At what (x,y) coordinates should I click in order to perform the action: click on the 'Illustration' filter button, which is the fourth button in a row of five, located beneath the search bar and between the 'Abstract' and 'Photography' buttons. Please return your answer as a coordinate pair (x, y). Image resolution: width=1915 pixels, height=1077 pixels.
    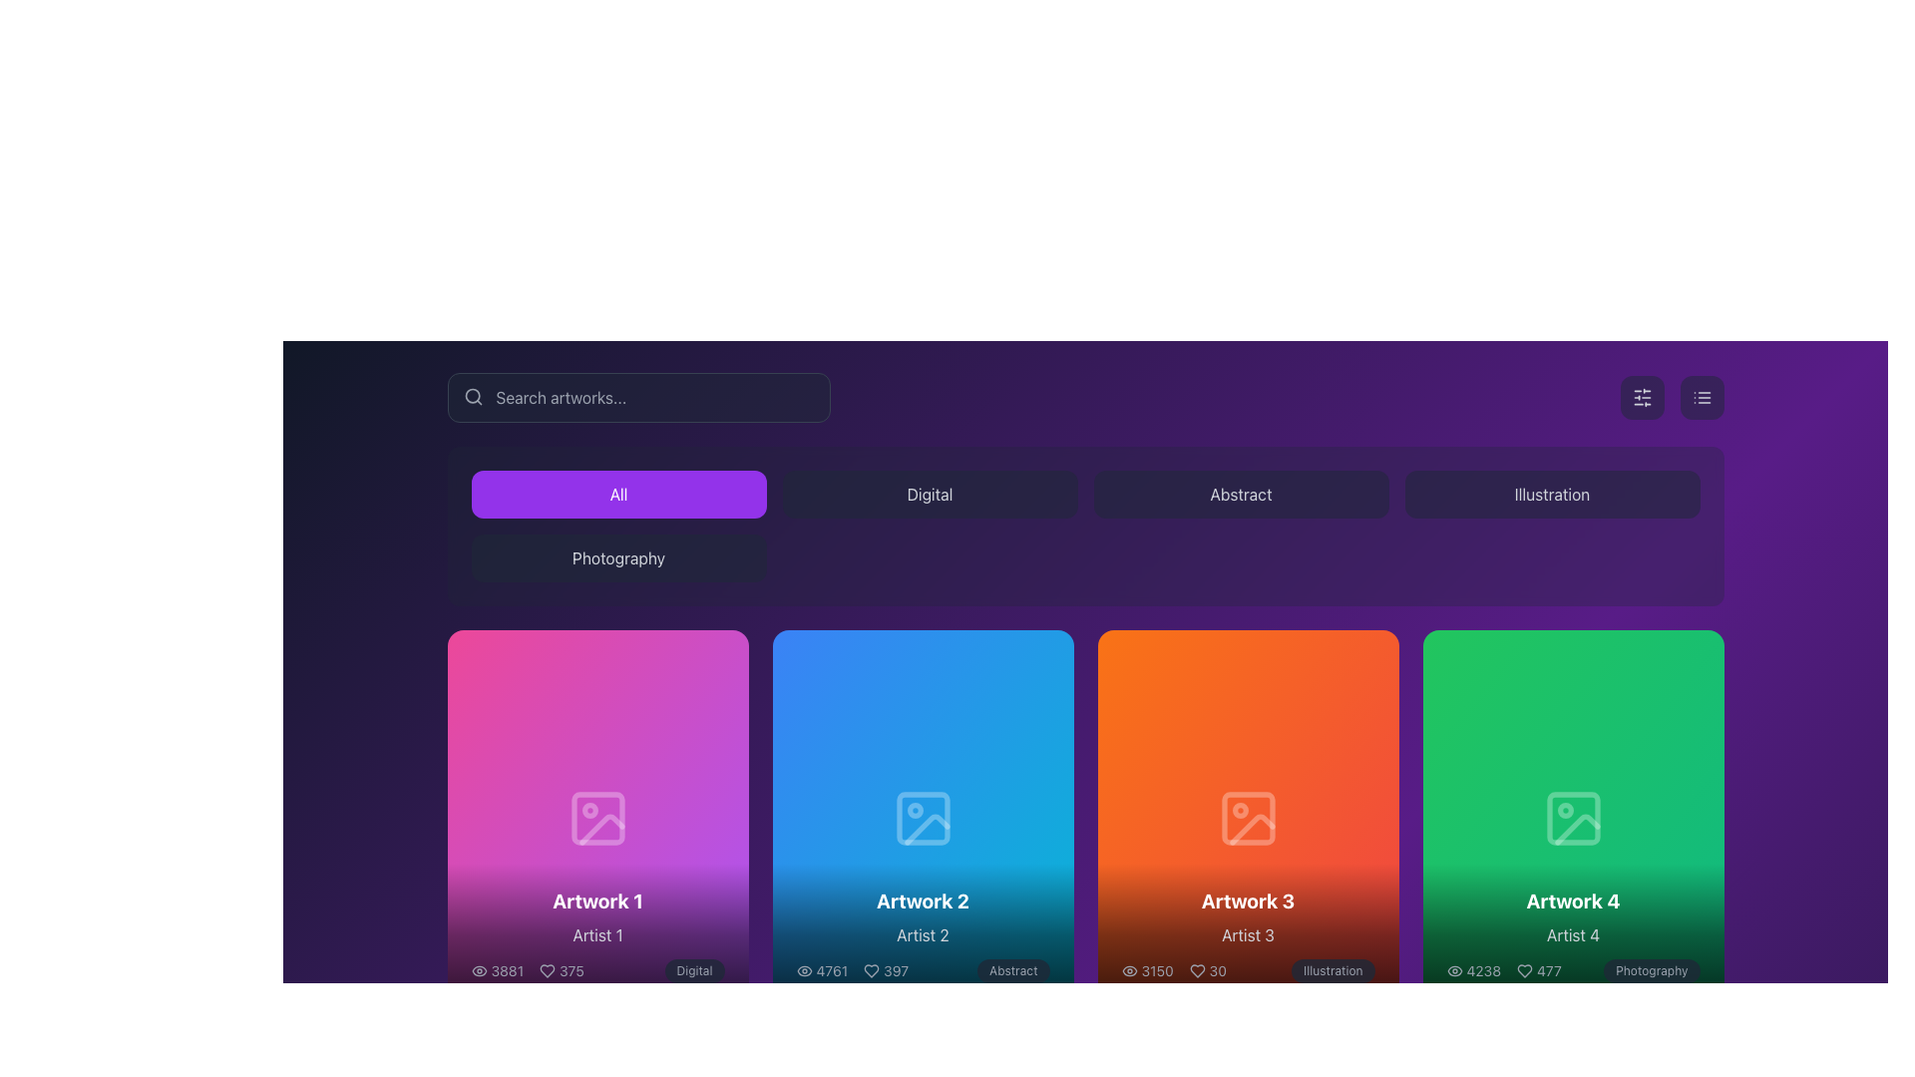
    Looking at the image, I should click on (1551, 494).